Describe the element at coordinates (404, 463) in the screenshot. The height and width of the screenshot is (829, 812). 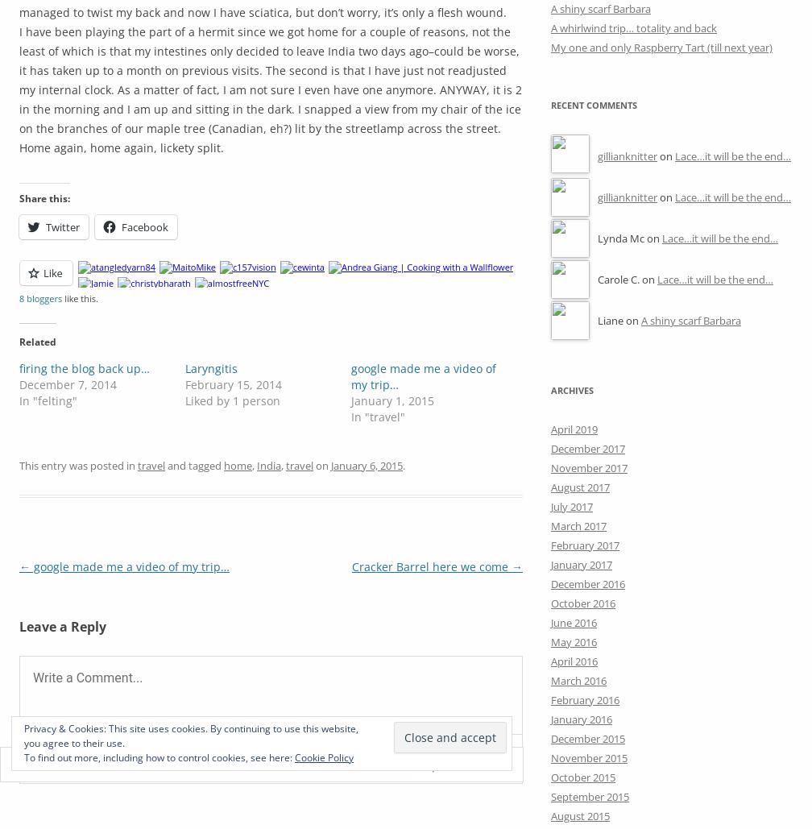
I see `'.'` at that location.